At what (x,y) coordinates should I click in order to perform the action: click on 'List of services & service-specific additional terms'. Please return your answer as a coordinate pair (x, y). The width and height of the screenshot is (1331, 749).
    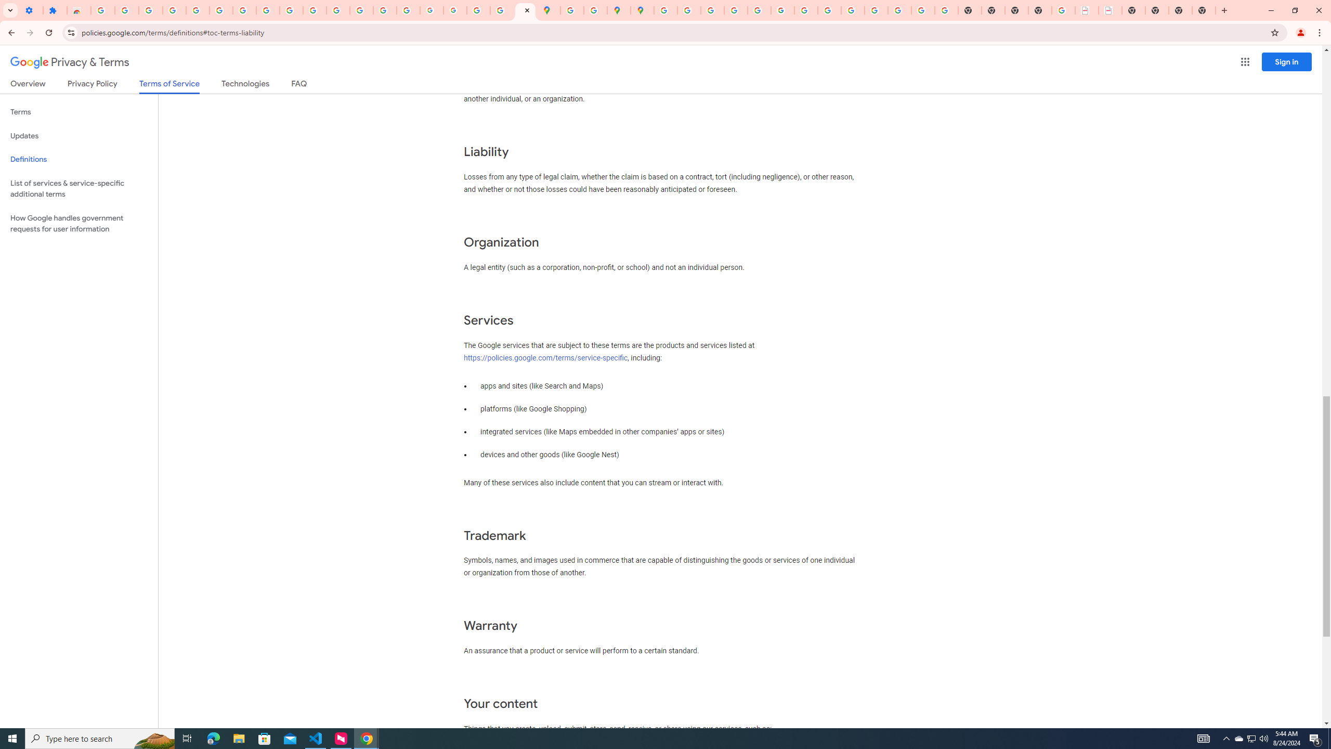
    Looking at the image, I should click on (79, 188).